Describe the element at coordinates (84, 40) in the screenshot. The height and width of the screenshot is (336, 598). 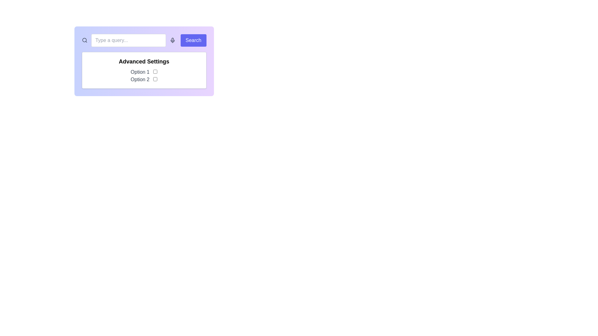
I see `the decorative search icon located at the far left of the row layout, which includes a text input field, microphone icon, and search button` at that location.